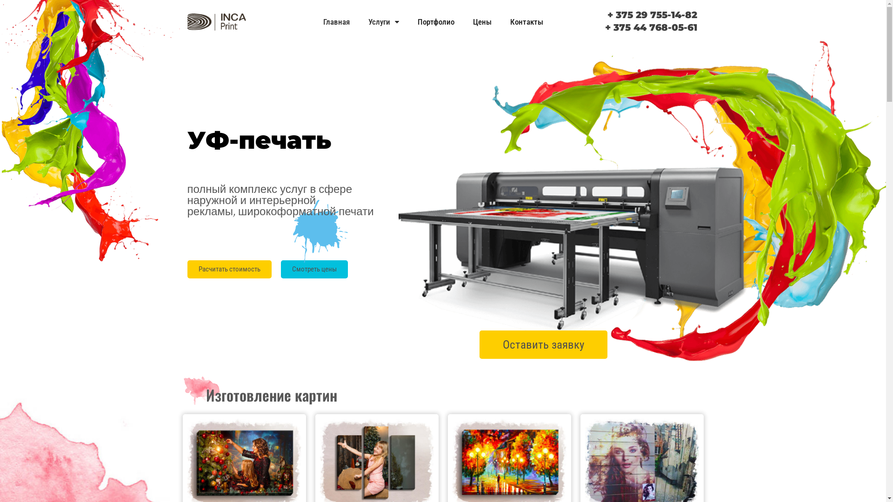  Describe the element at coordinates (652, 14) in the screenshot. I see `'+ 375 29 755-14-82'` at that location.